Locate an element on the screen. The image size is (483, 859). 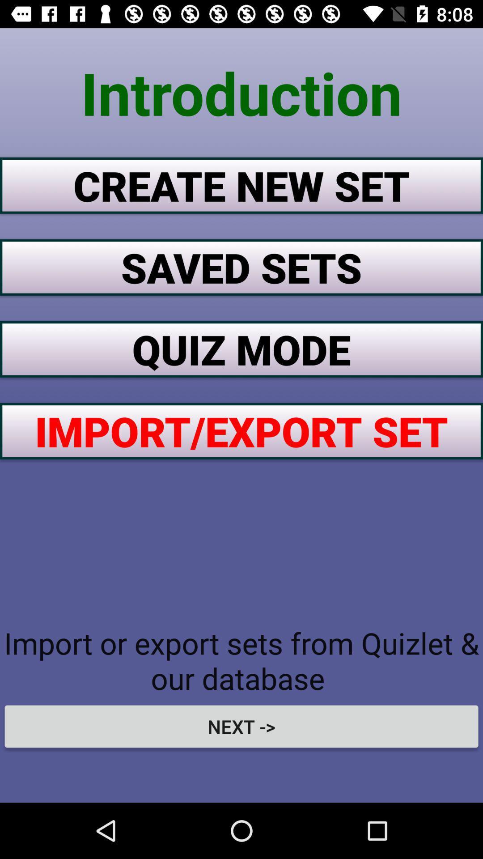
create new set button is located at coordinates (241, 185).